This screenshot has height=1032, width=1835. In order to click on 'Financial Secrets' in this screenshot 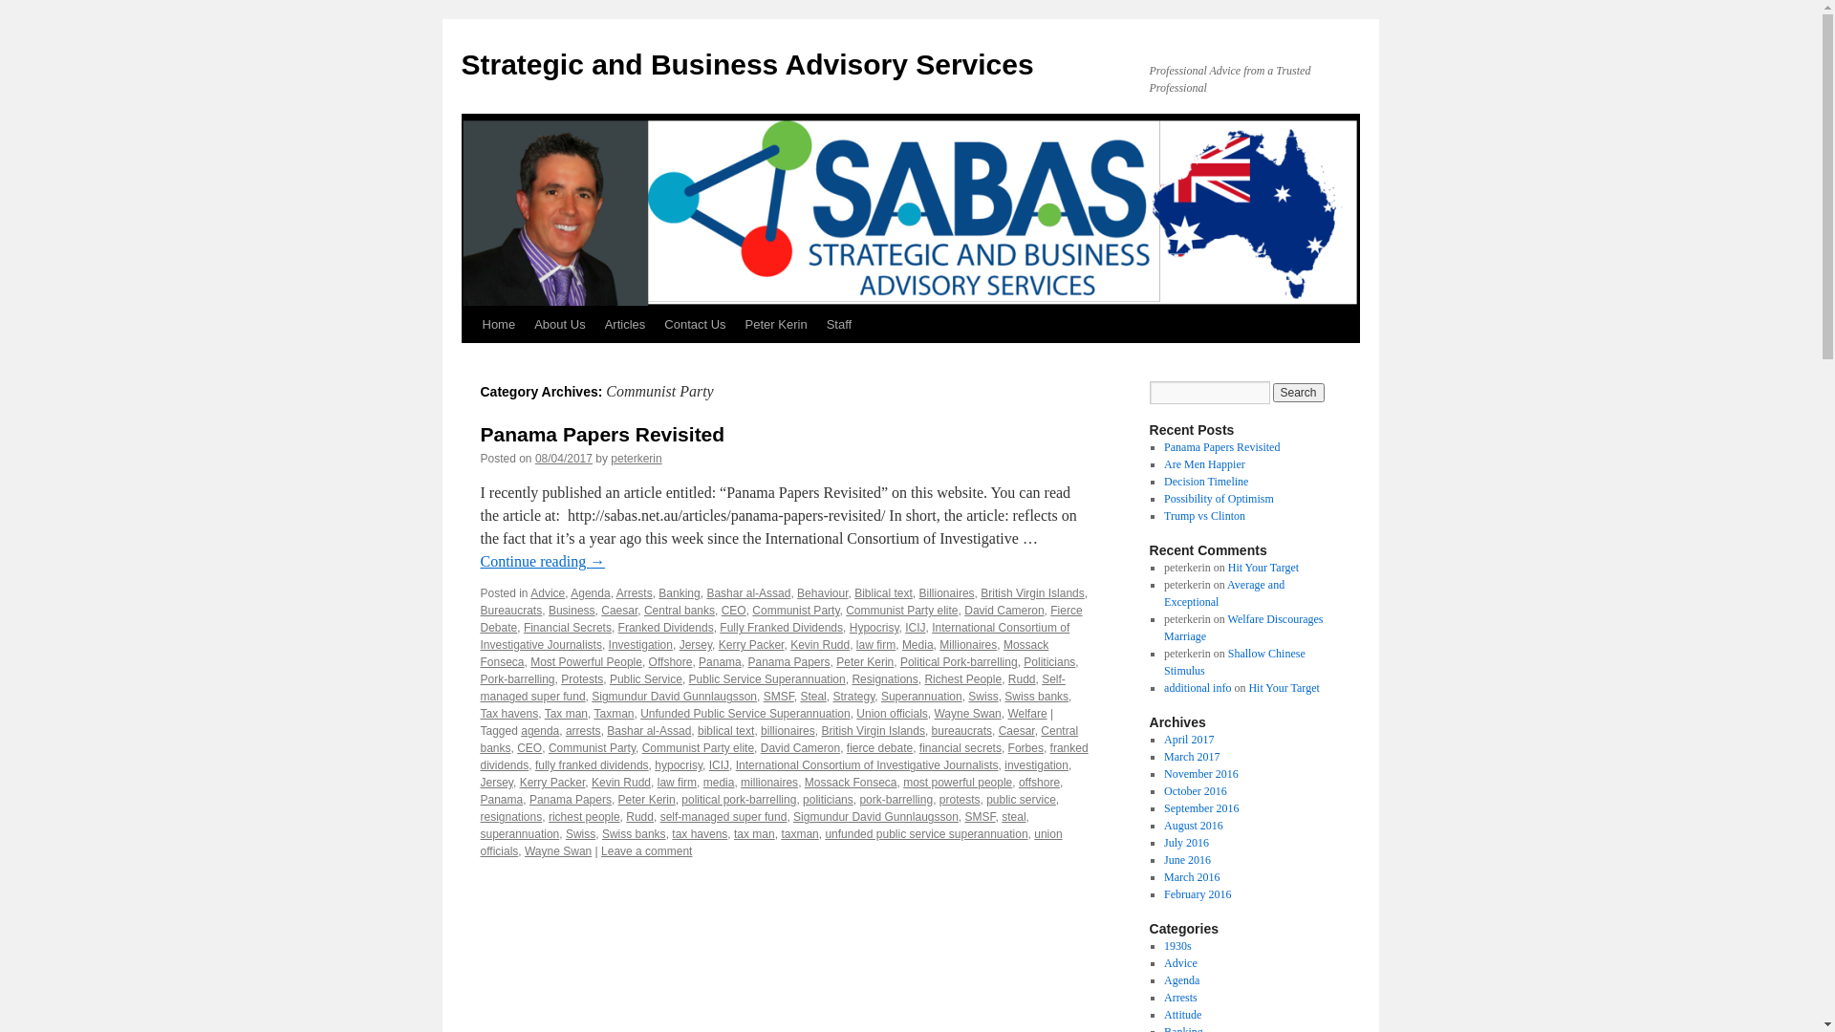, I will do `click(567, 627)`.